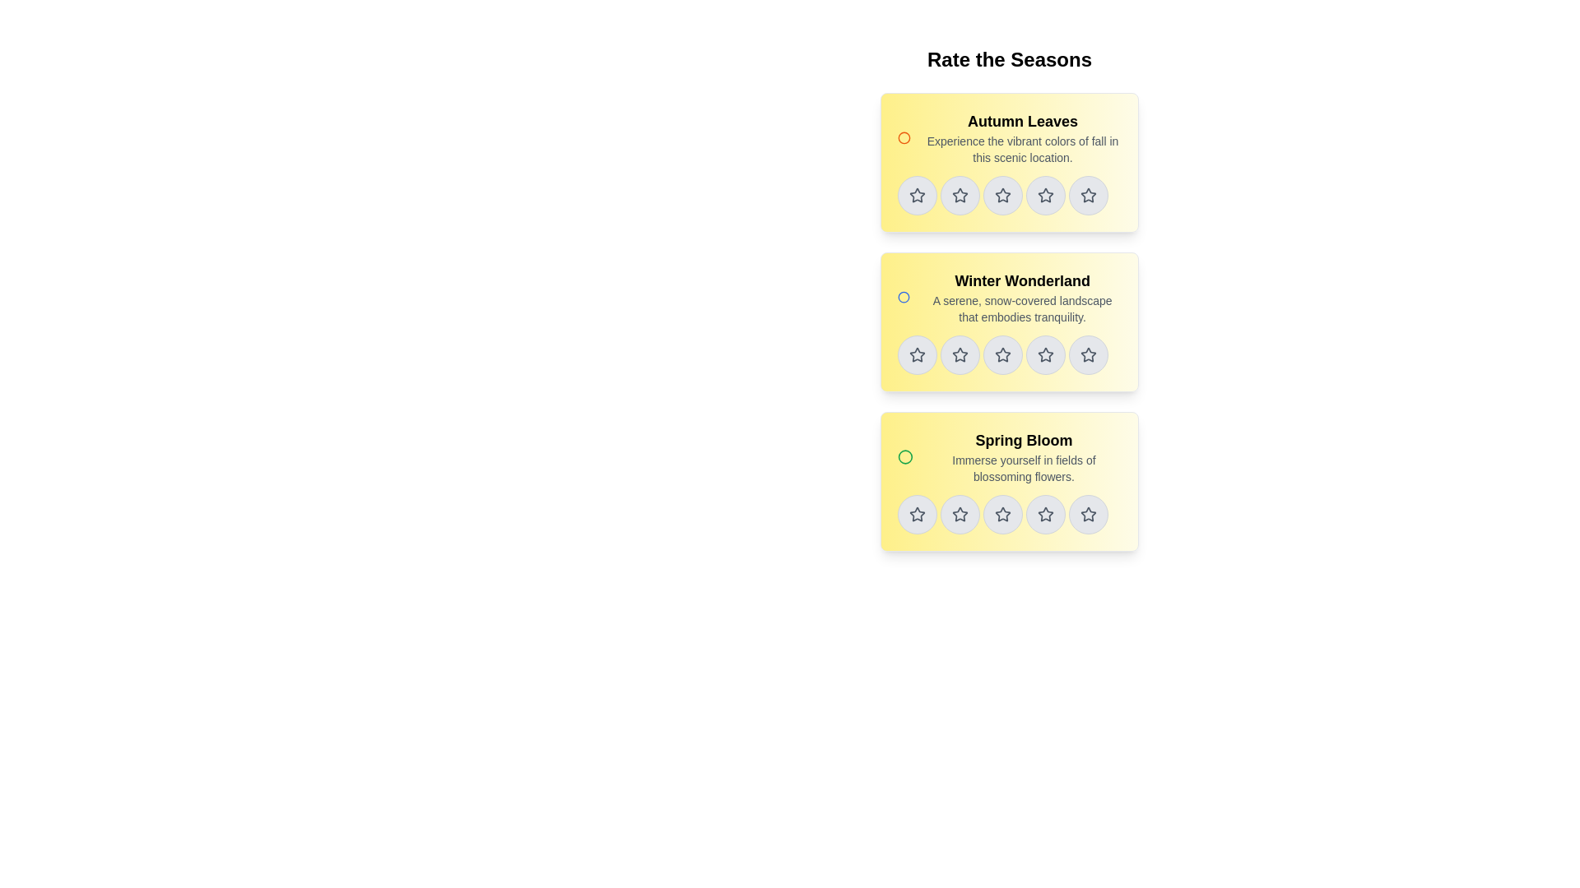 This screenshot has width=1580, height=888. What do you see at coordinates (916, 195) in the screenshot?
I see `the first rating star icon for the 'Autumn Leaves' item in the 'Rate the Seasons' list to rate it` at bounding box center [916, 195].